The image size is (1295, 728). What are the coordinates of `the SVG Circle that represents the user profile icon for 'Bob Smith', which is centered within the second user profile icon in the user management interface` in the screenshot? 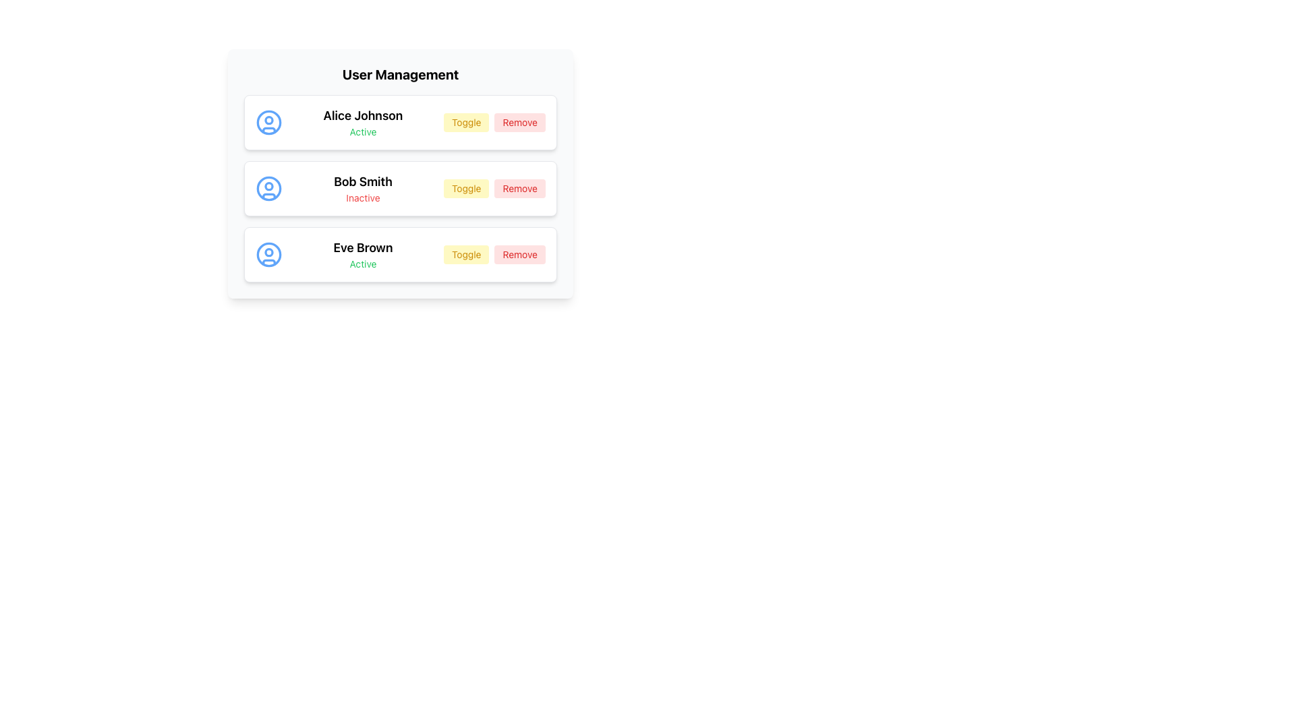 It's located at (268, 186).